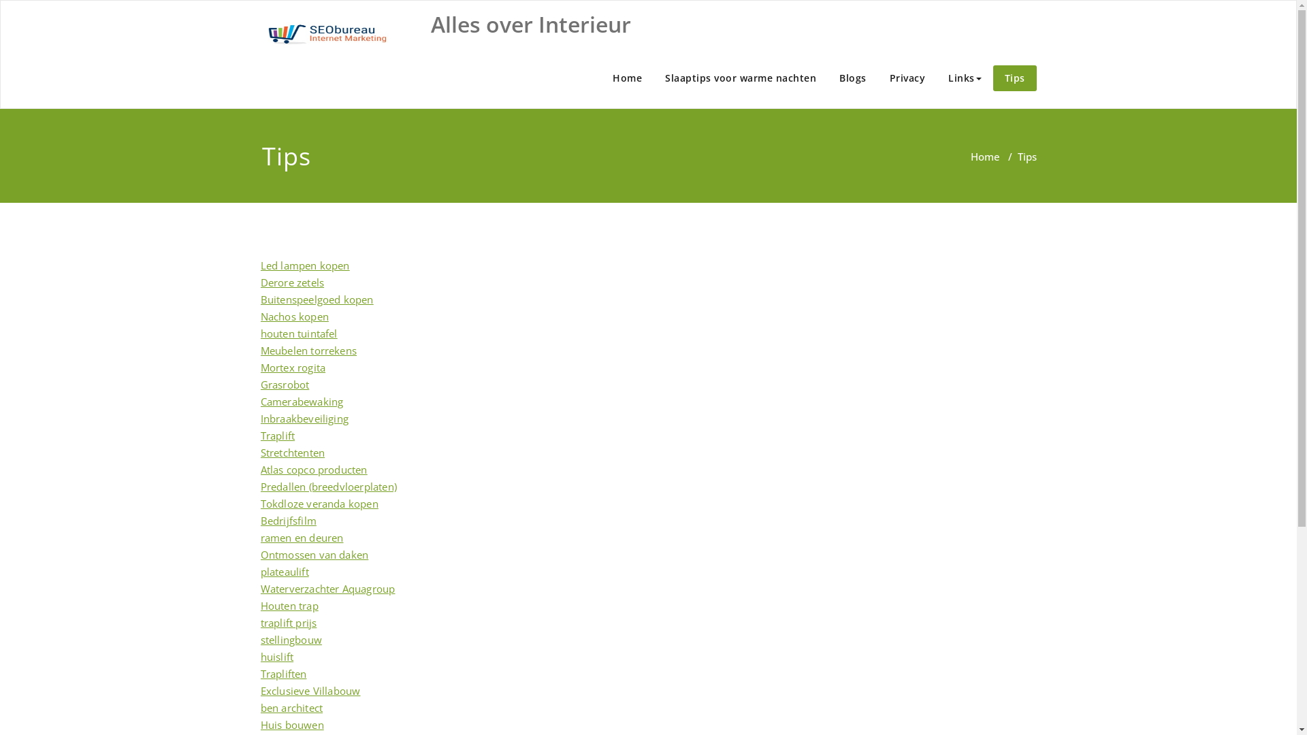  I want to click on 'Ontmossen van daken', so click(313, 554).